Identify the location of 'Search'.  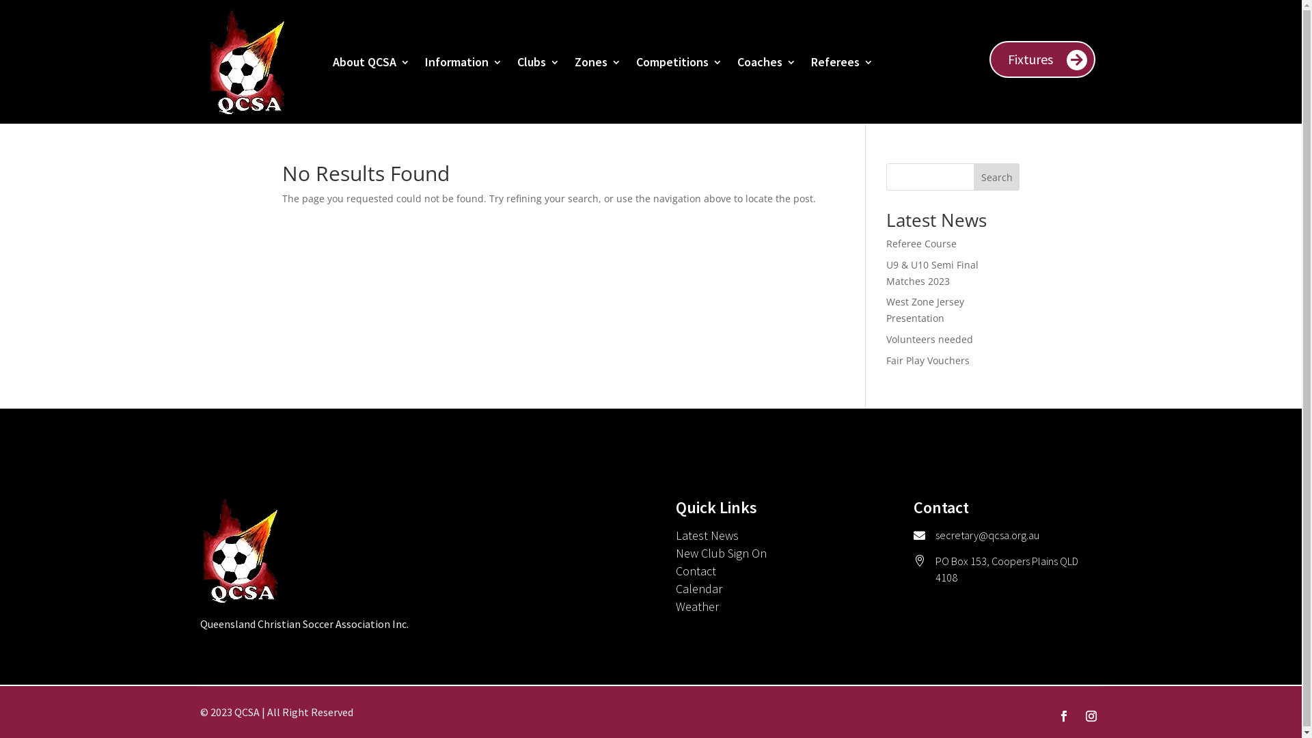
(973, 176).